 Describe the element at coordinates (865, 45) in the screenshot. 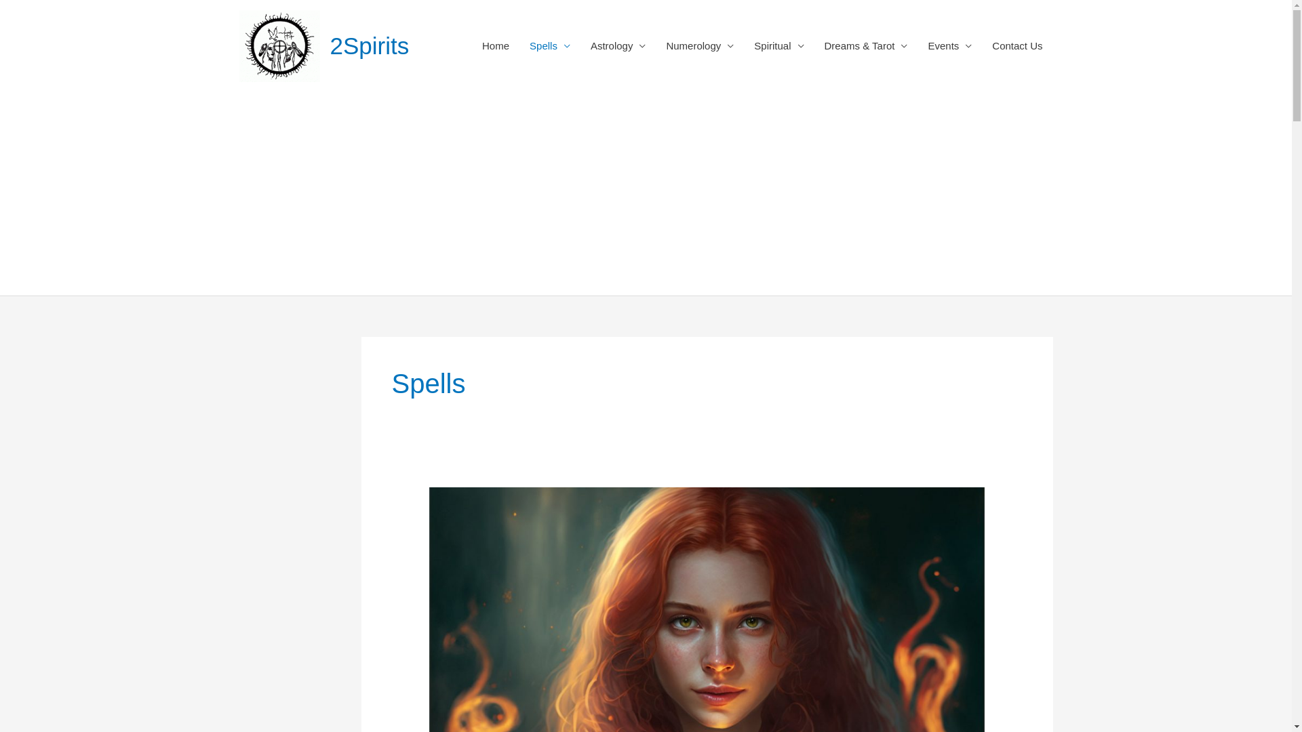

I see `'Dreams & Tarot'` at that location.